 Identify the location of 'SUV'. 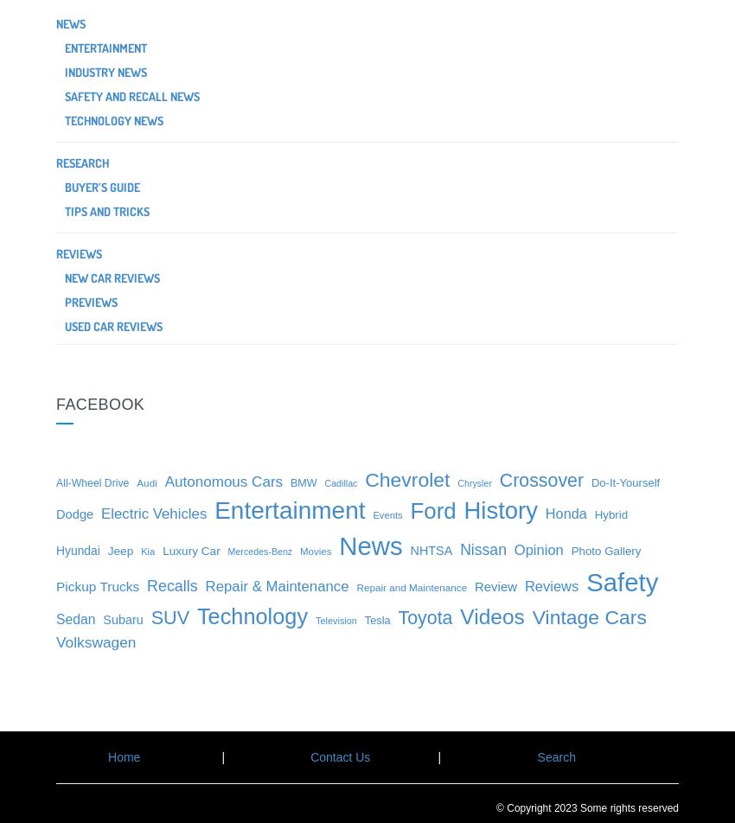
(169, 617).